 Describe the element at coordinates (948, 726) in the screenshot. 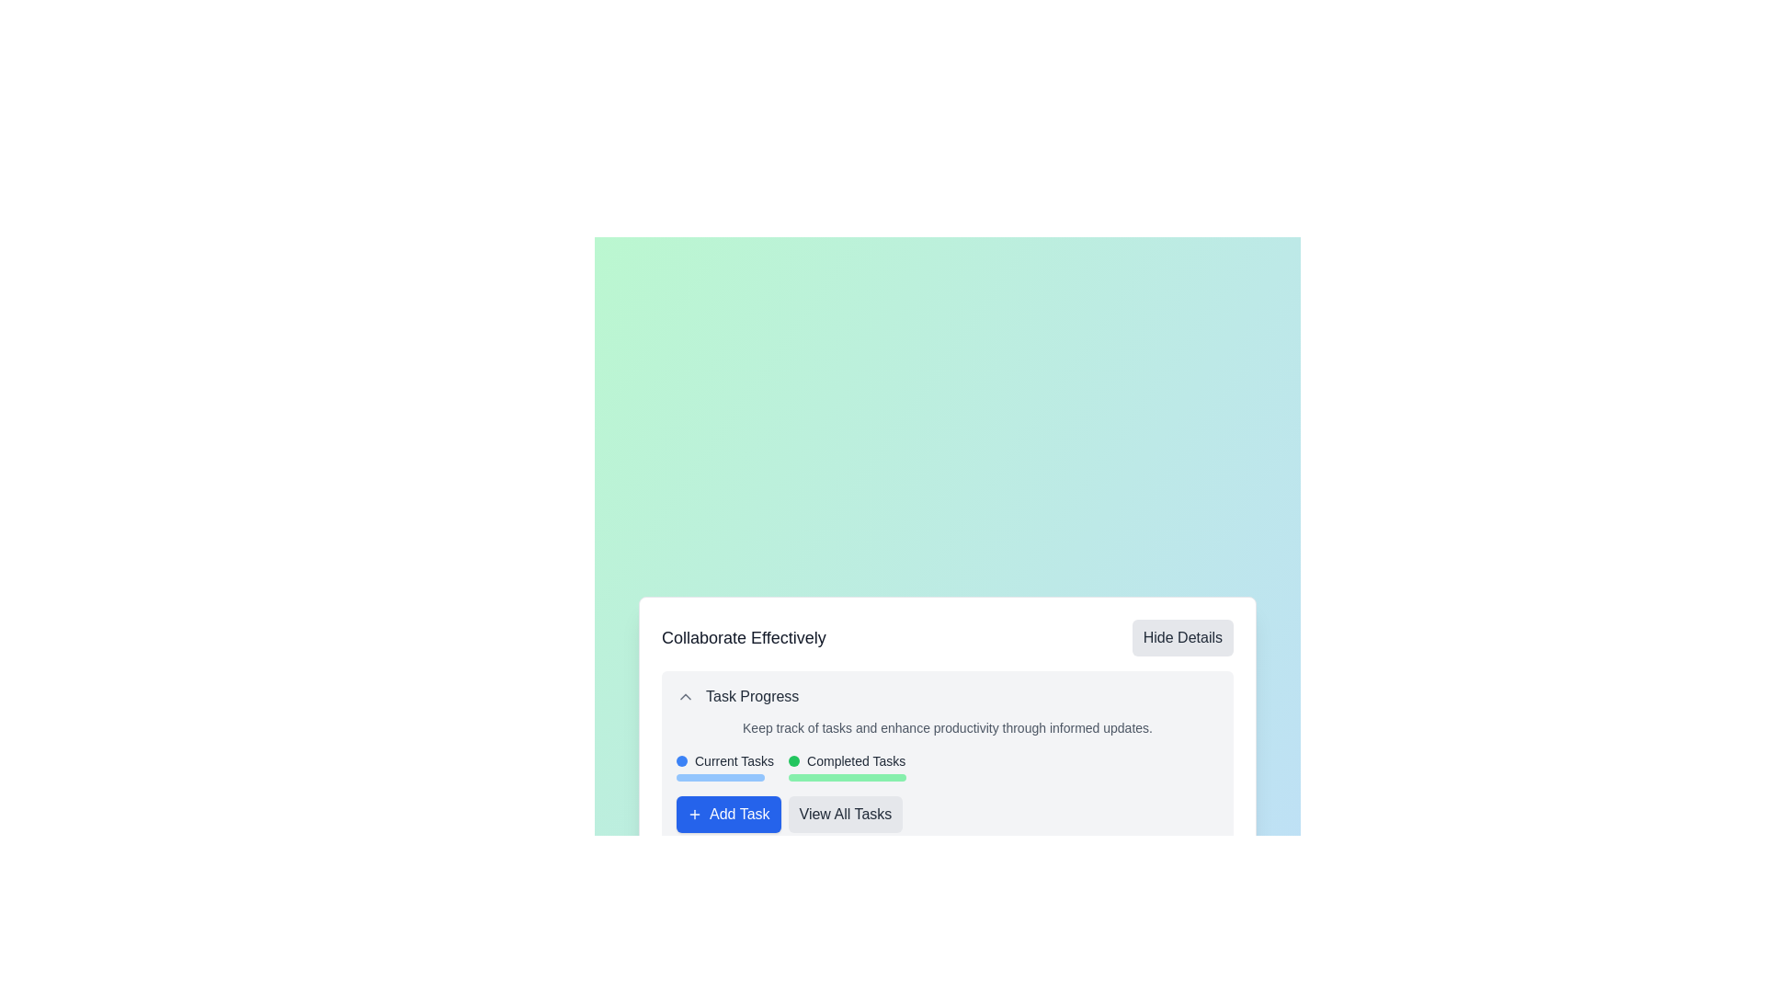

I see `the static text block displaying 'Keep track of tasks and enhance productivity through informed updates.' which is positioned below the header 'Task Progress'` at that location.